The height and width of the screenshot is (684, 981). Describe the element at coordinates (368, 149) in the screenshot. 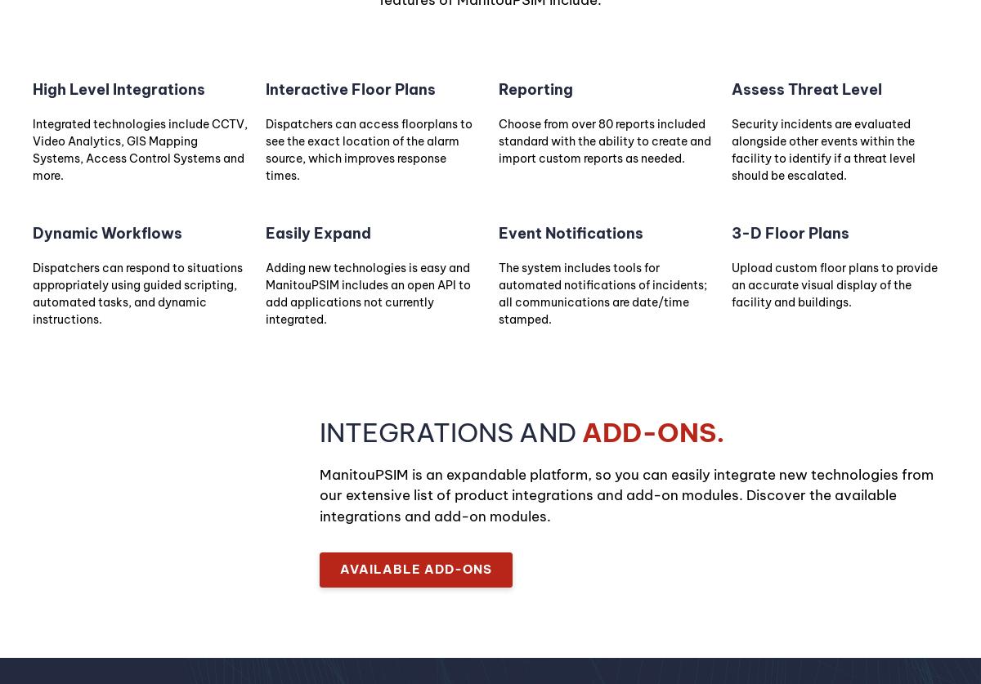

I see `'Dispatchers can access floorplans to see the exact location of the alarm source, which improves response times.'` at that location.